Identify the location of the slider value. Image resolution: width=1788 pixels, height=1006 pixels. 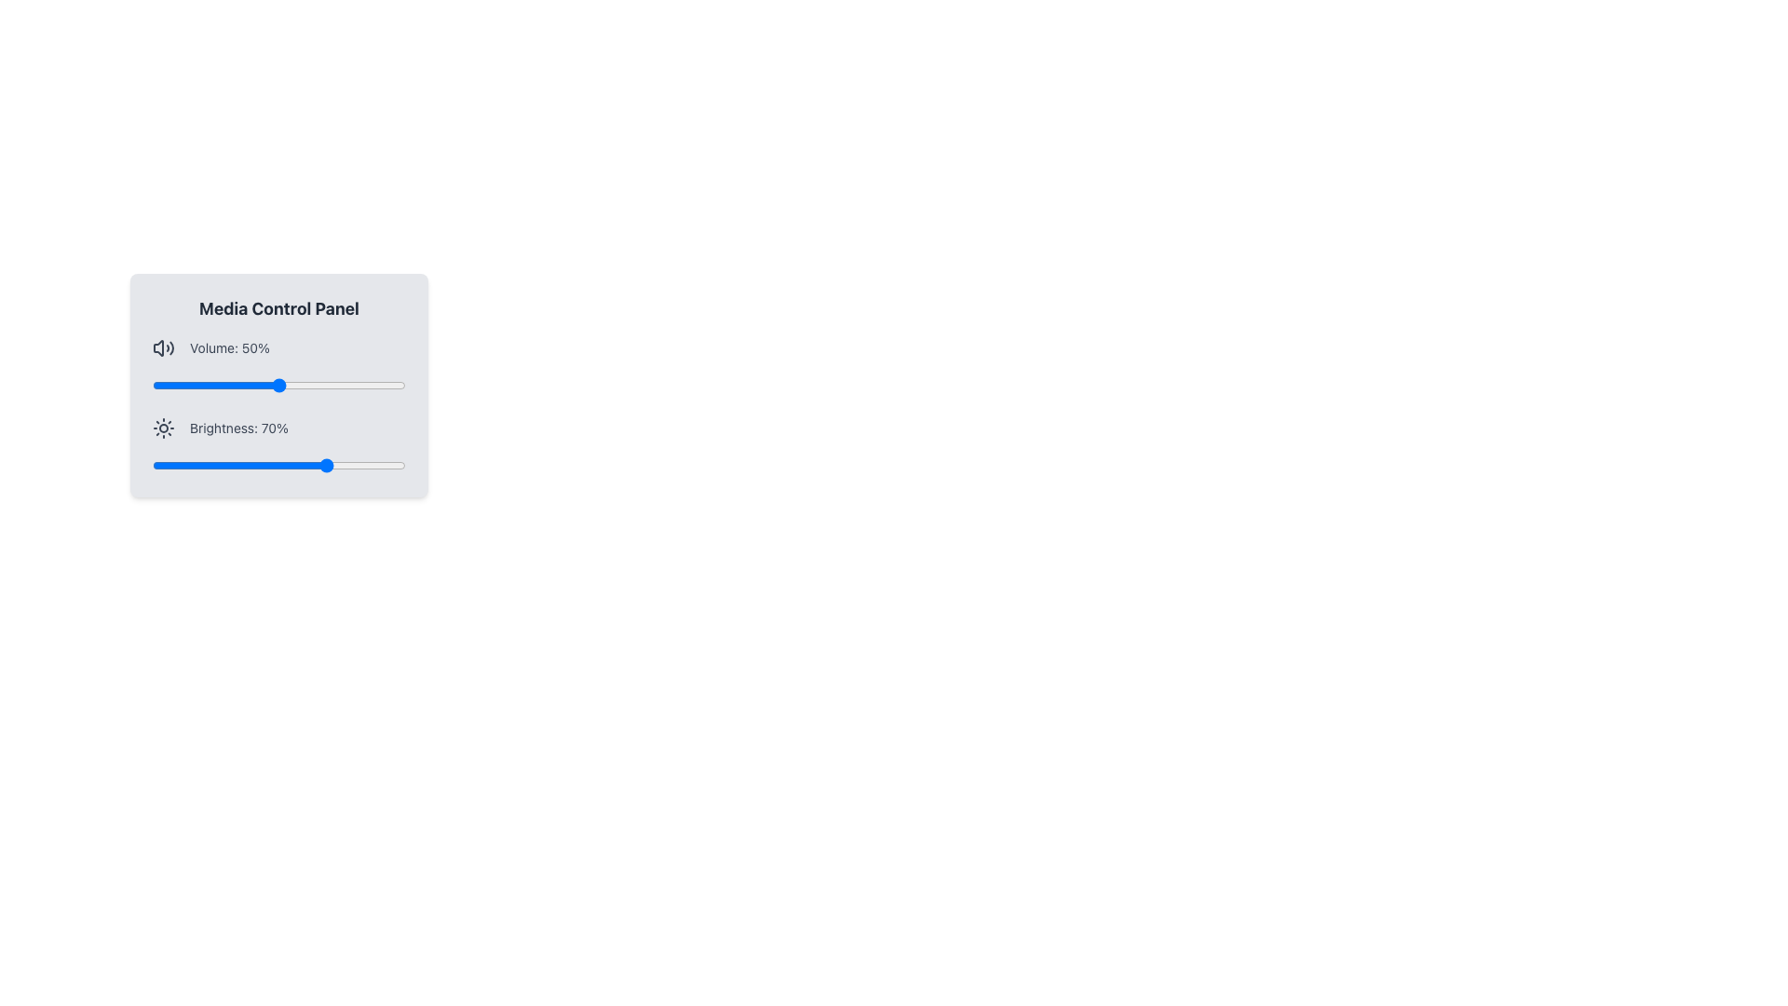
(258, 384).